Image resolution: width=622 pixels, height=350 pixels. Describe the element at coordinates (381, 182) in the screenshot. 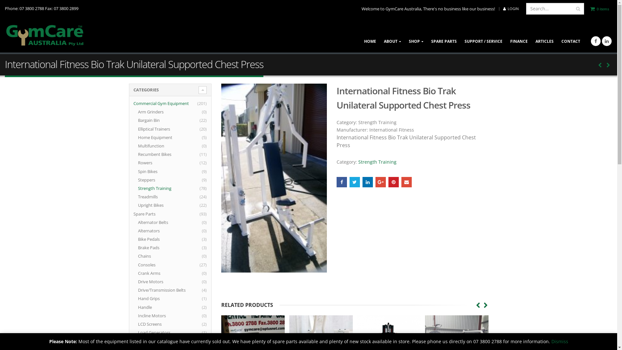

I see `'Google +'` at that location.